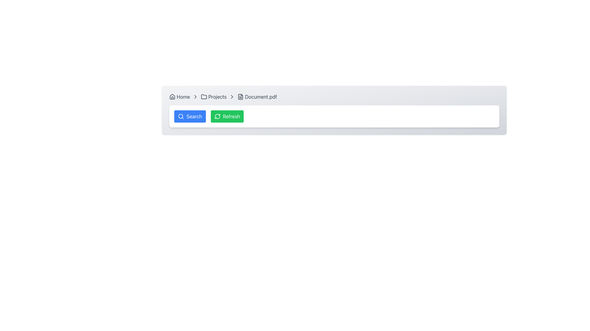  Describe the element at coordinates (231, 116) in the screenshot. I see `text label within the refresh button, which has a green background and is positioned to the right of a circular arrow icon` at that location.